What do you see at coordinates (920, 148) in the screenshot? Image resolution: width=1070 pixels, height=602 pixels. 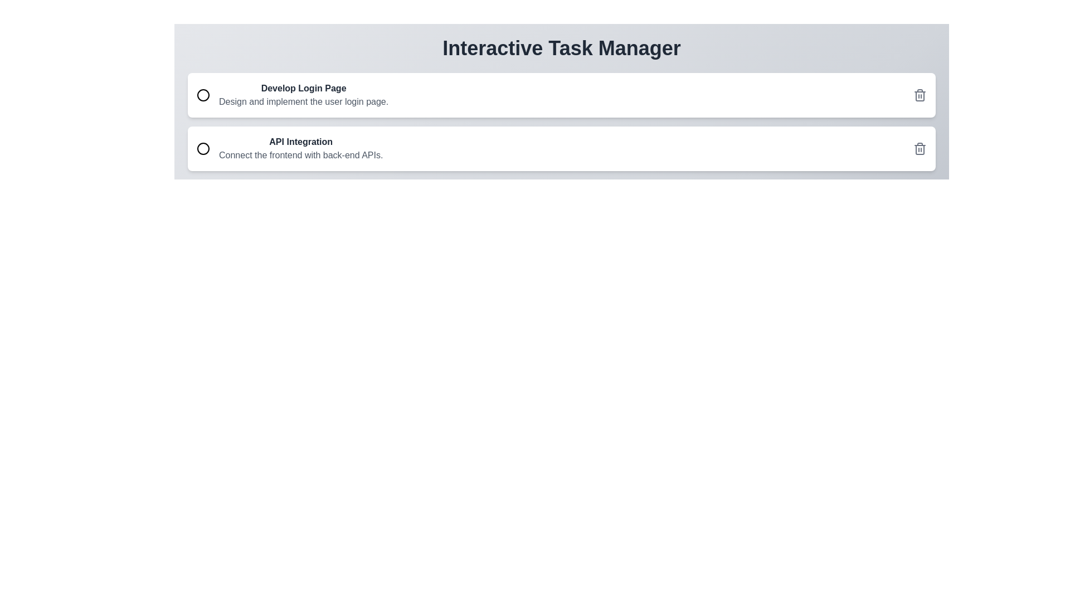 I see `delete button for the task titled API Integration` at bounding box center [920, 148].